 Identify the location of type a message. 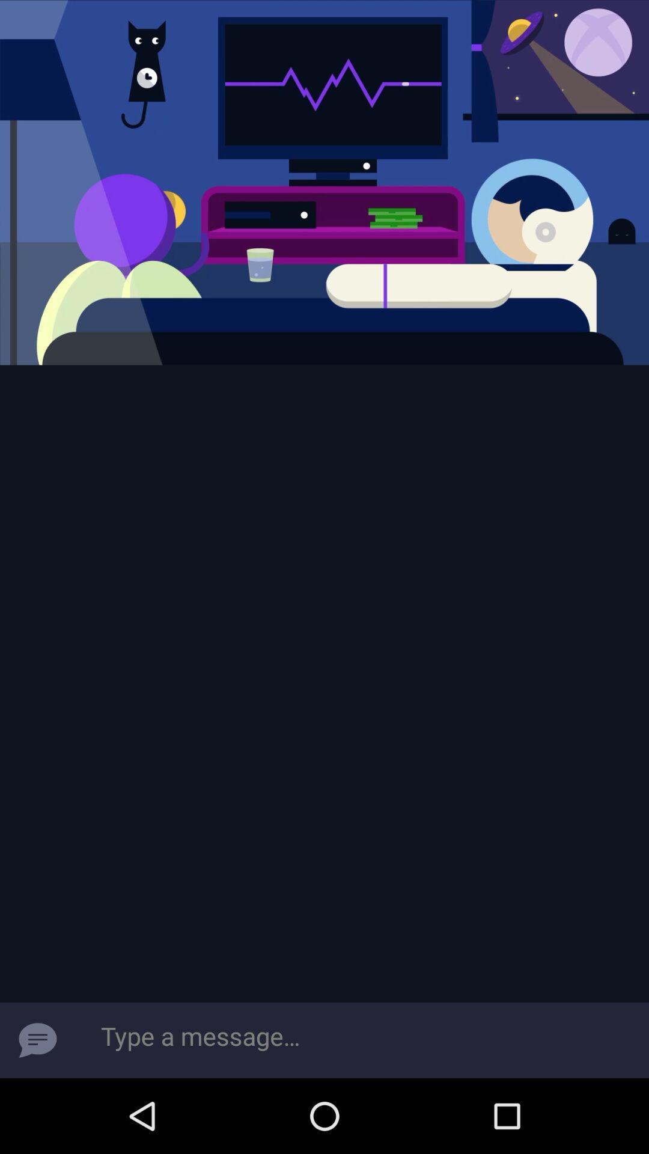
(361, 1040).